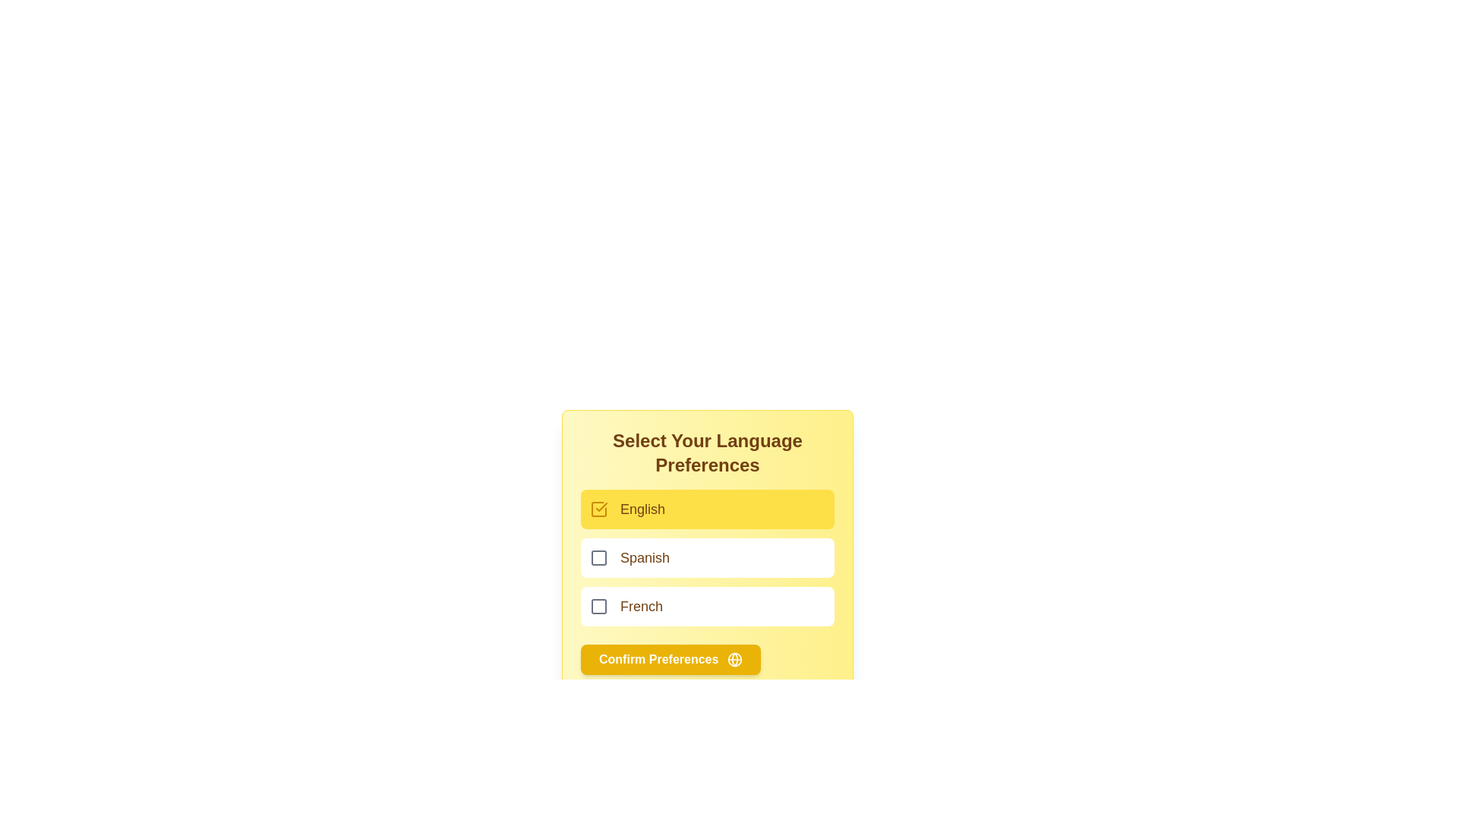 This screenshot has width=1458, height=820. I want to click on the checkbox option for selecting the Spanish language in the 'Select Your Language Preferences' panel, so click(706, 558).